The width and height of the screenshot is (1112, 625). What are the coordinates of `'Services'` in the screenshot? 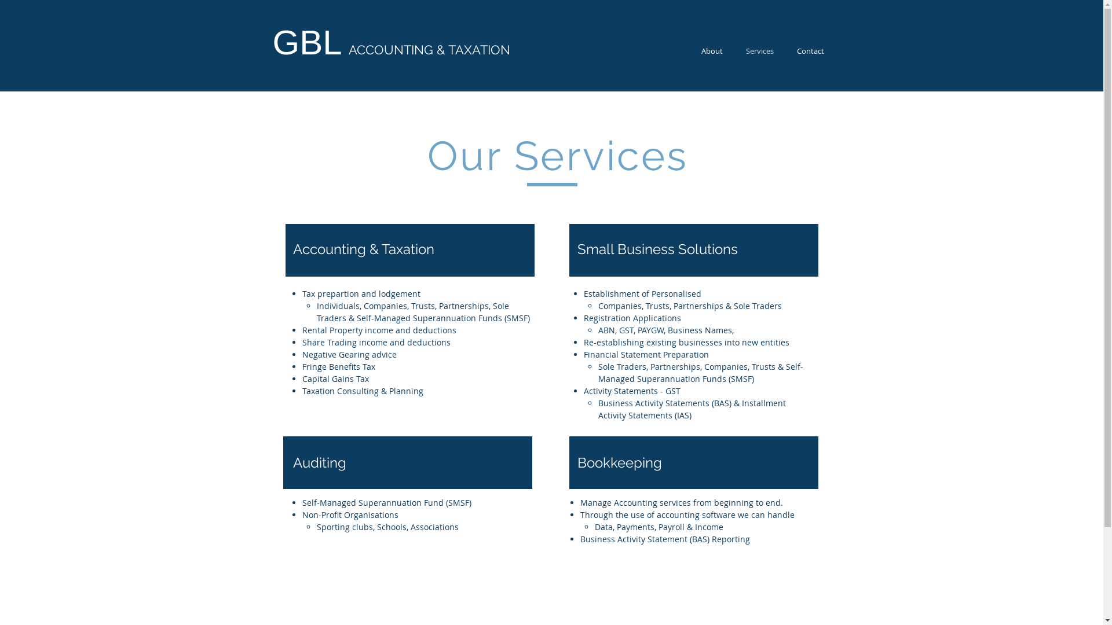 It's located at (733, 50).